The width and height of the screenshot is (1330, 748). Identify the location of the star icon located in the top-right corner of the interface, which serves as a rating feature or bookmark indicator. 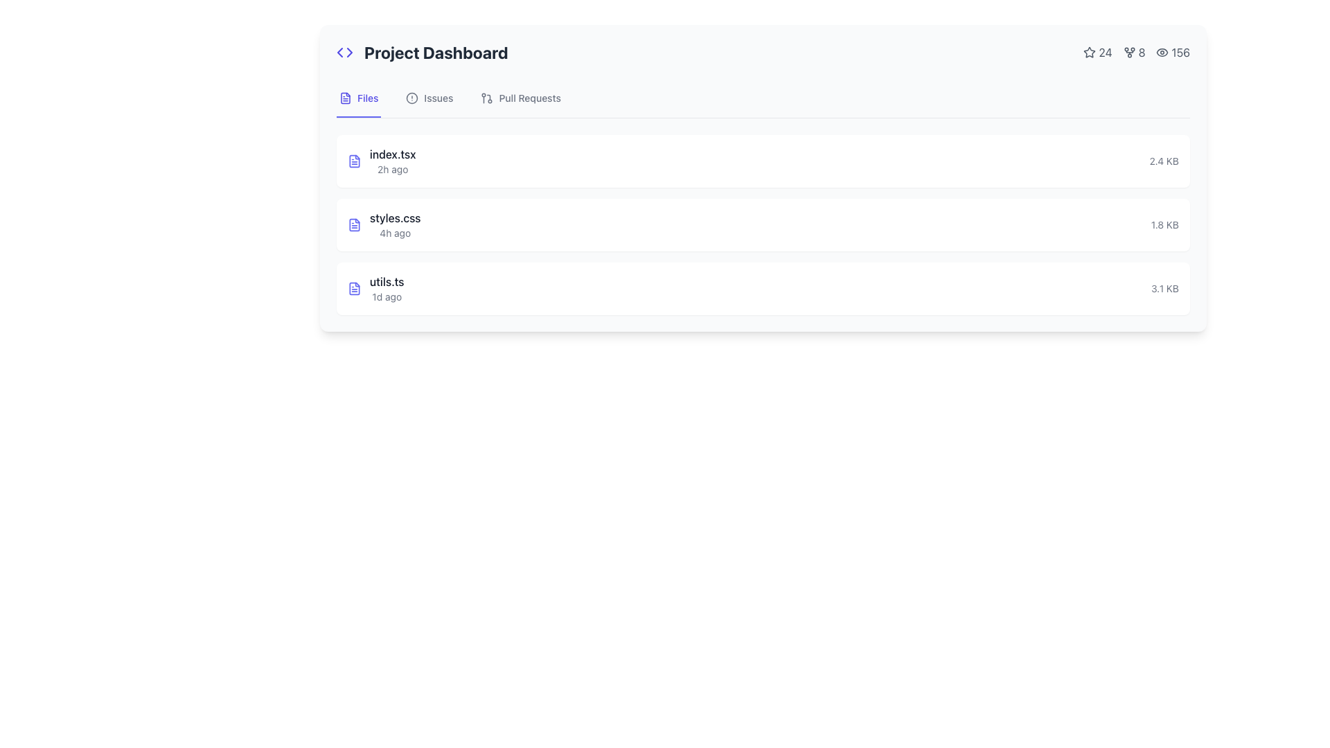
(1089, 51).